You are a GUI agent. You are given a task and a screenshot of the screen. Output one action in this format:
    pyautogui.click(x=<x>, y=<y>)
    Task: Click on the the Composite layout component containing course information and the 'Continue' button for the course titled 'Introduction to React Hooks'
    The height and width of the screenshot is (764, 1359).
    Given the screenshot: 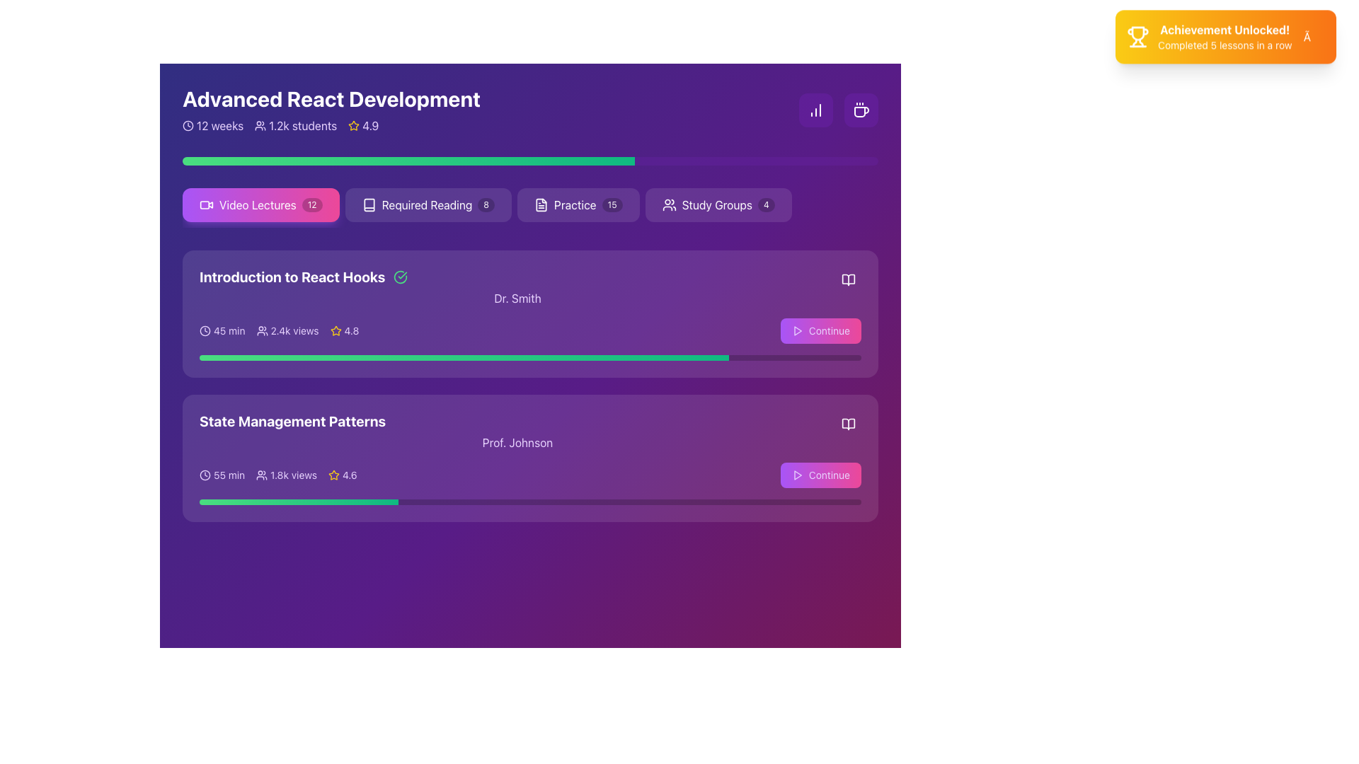 What is the action you would take?
    pyautogui.click(x=529, y=330)
    